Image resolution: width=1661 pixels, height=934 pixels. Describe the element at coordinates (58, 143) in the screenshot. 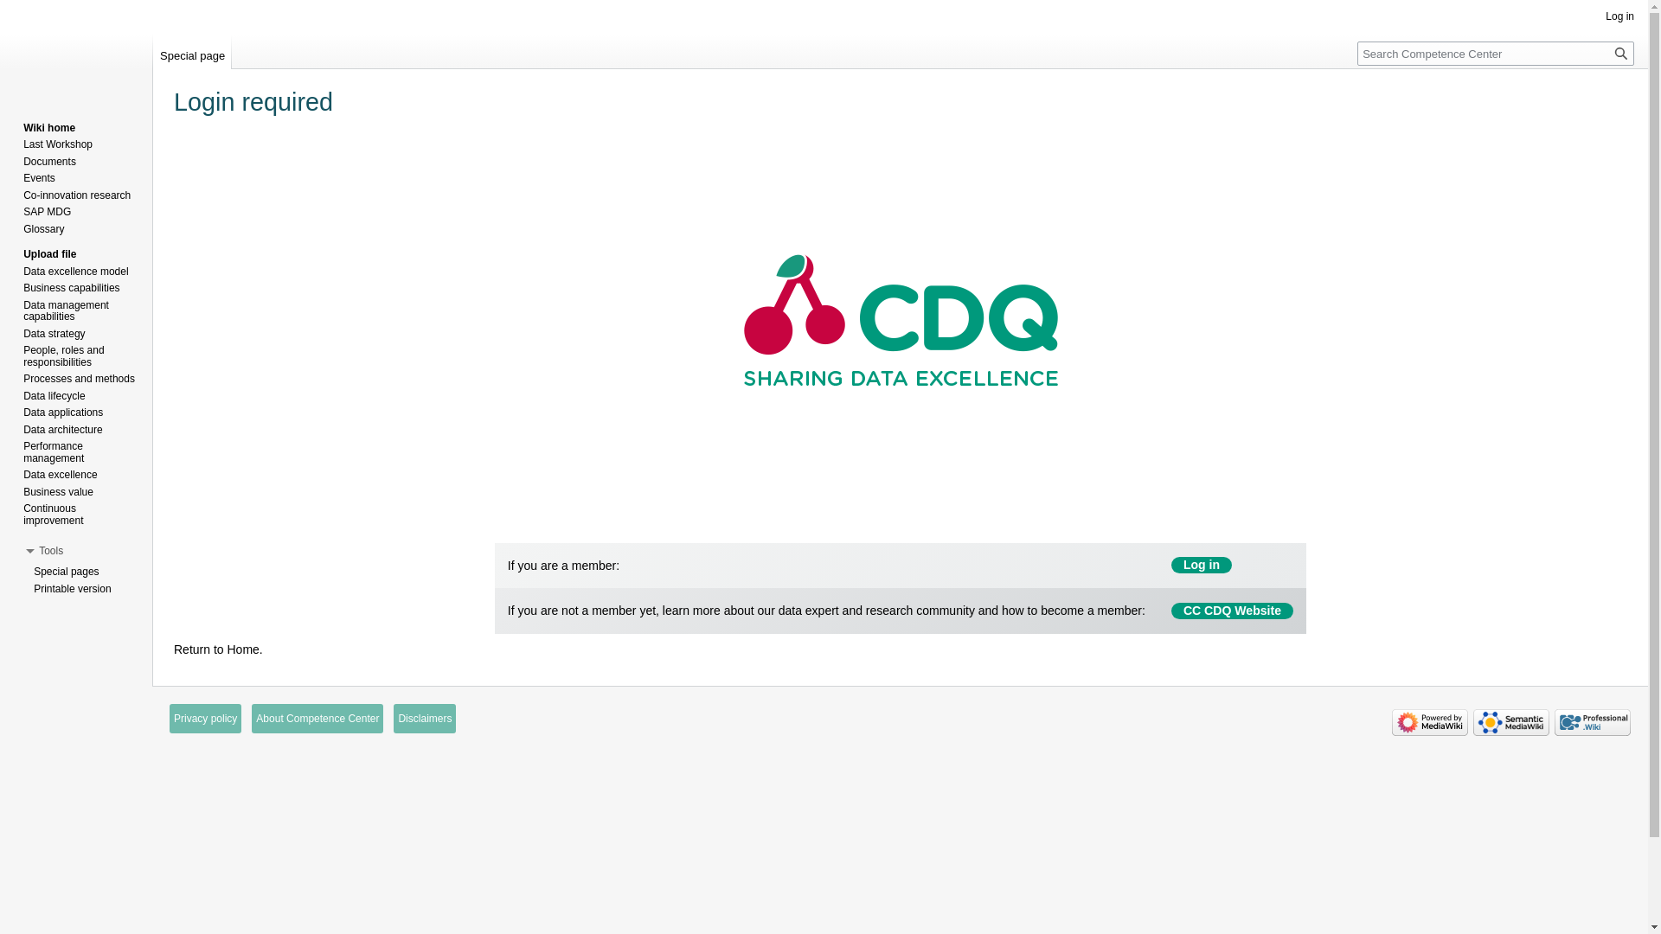

I see `'Last Workshop'` at that location.